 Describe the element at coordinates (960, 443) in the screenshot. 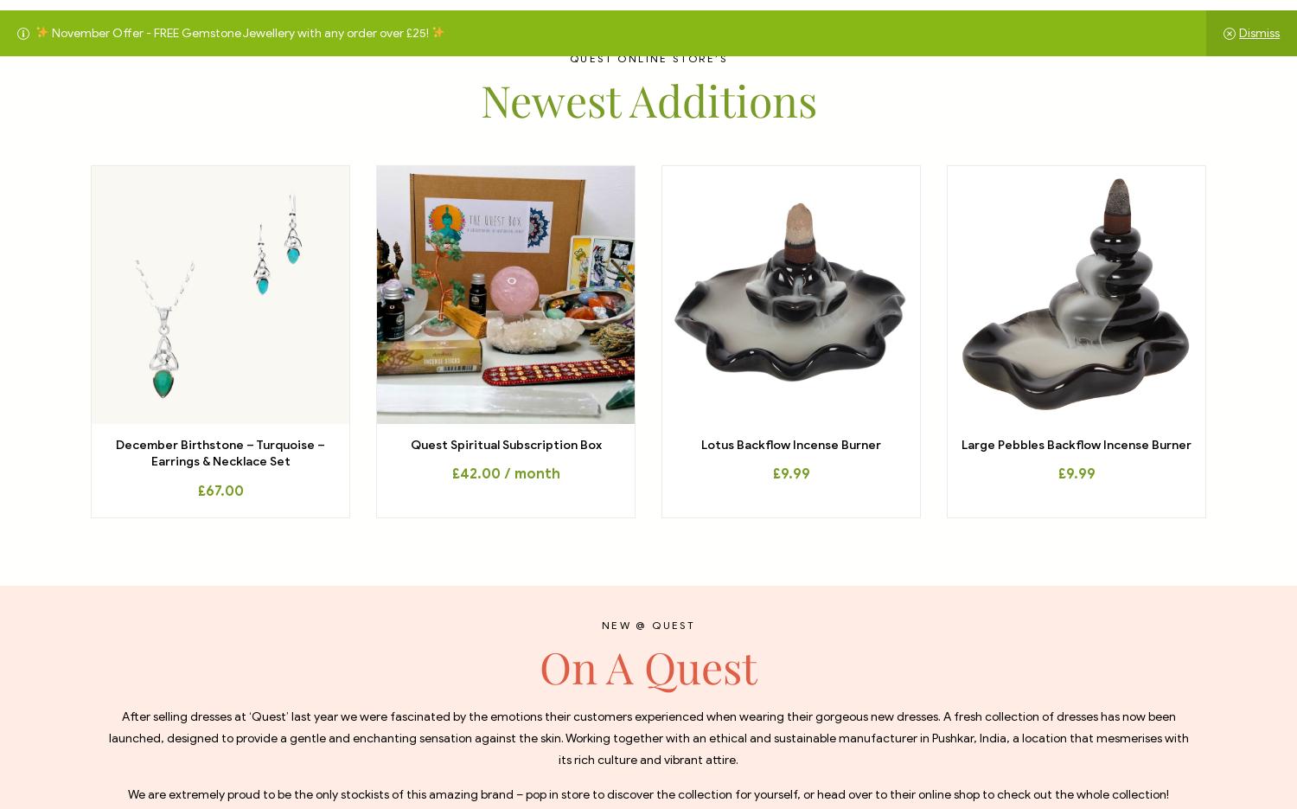

I see `'Large Pebbles Backflow Incense Burner'` at that location.